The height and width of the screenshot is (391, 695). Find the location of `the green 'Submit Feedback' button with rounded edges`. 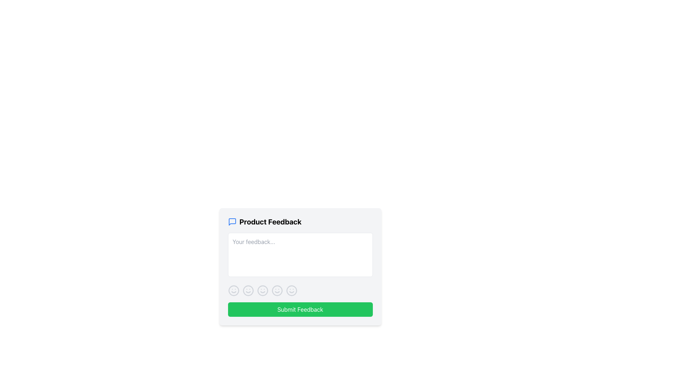

the green 'Submit Feedback' button with rounded edges is located at coordinates (300, 310).